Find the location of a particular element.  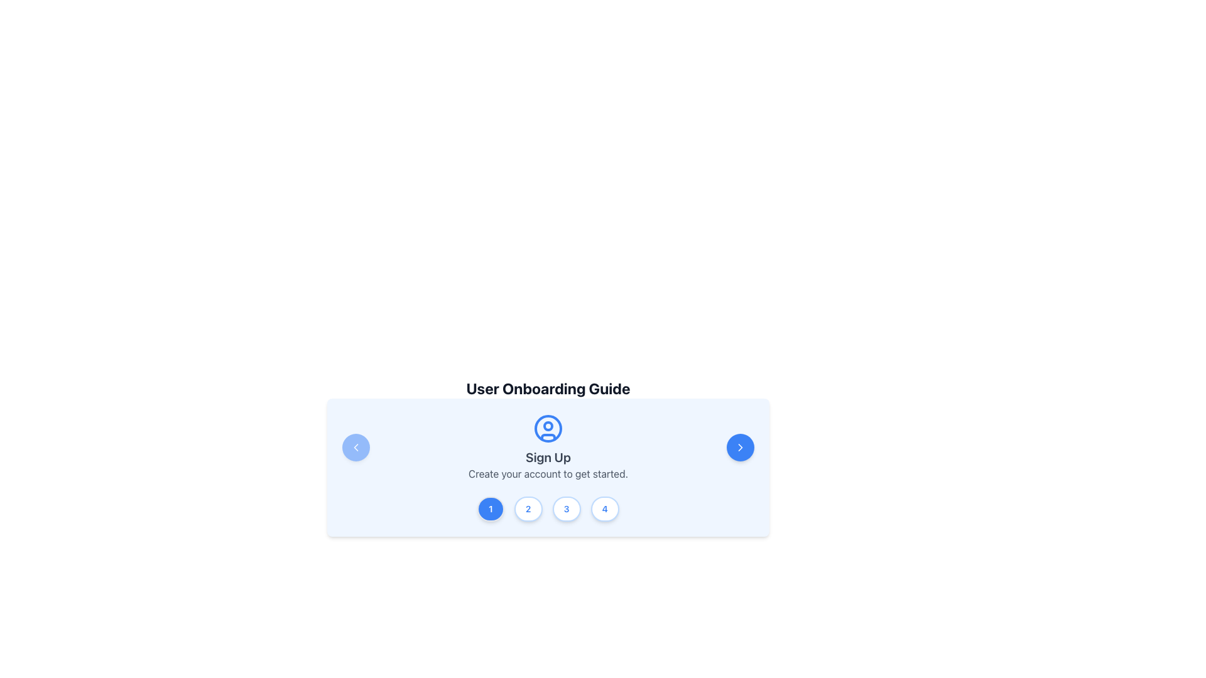

the leftward chevron icon for navigation to the previous step on the User Onboarding Guide panel is located at coordinates (355, 447).